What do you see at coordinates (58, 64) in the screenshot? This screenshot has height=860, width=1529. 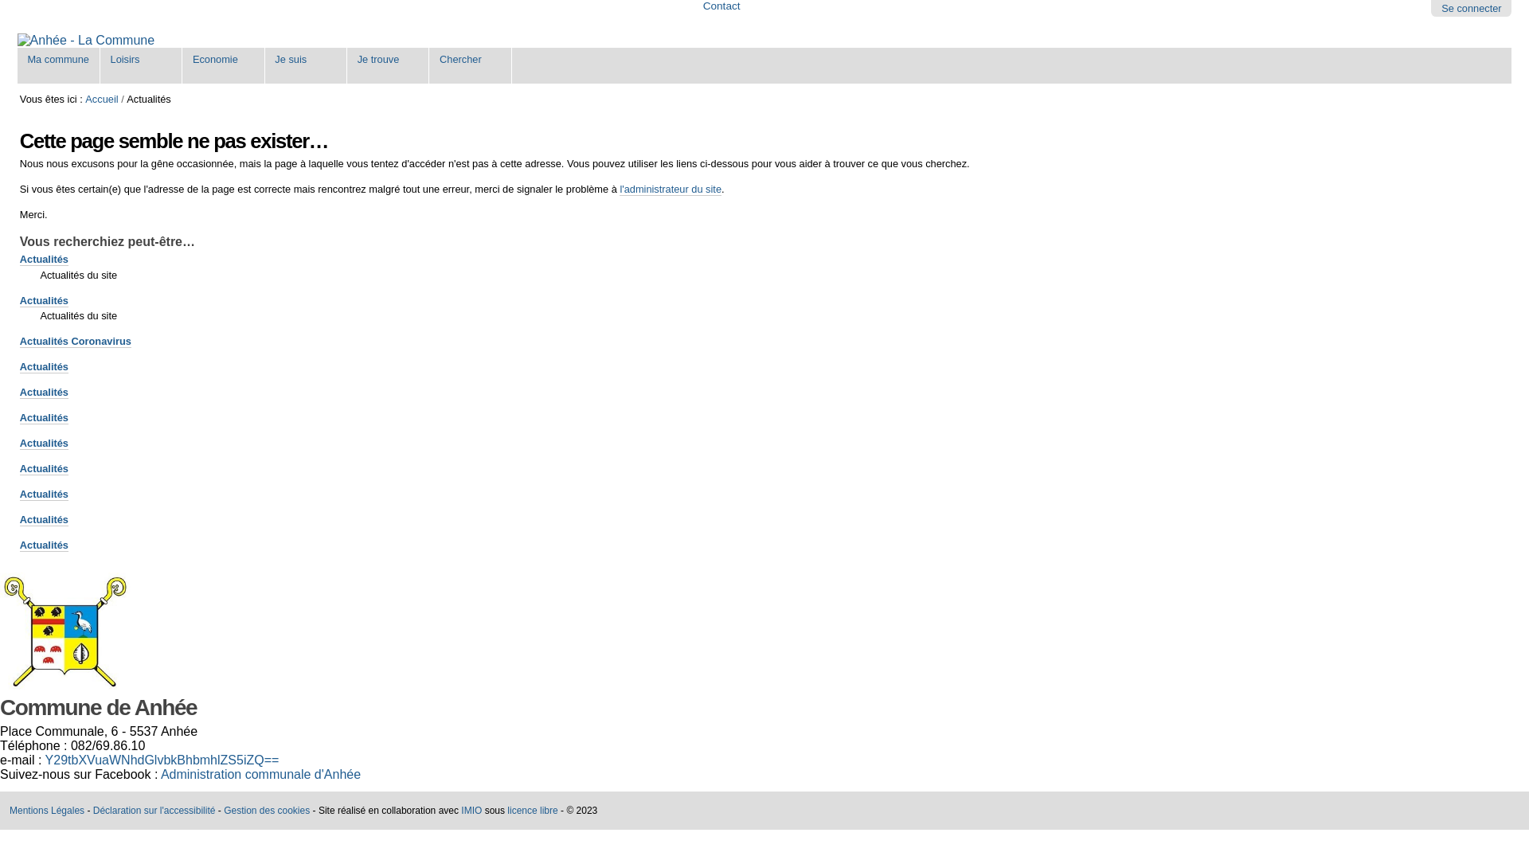 I see `'Ma commune'` at bounding box center [58, 64].